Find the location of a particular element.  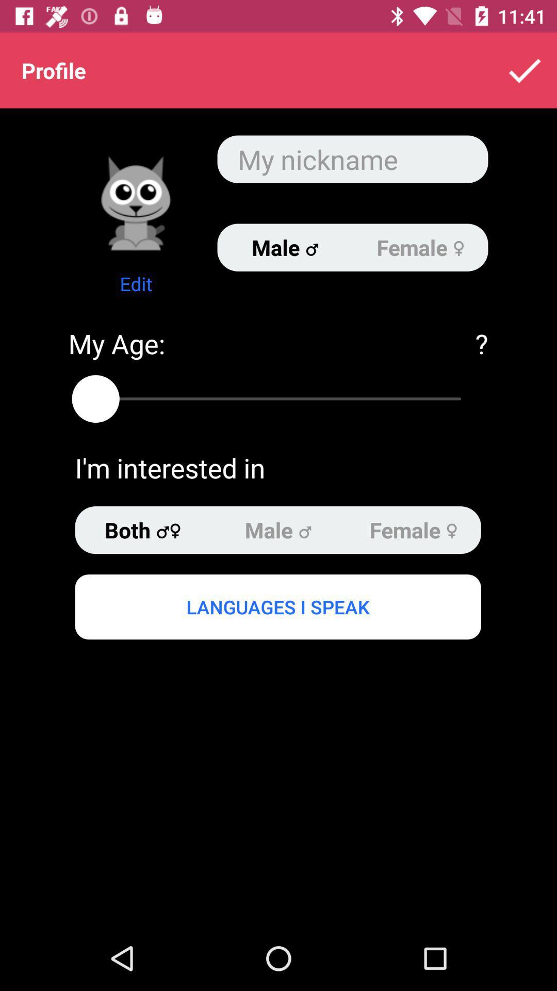

the item next to profile app is located at coordinates (525, 70).